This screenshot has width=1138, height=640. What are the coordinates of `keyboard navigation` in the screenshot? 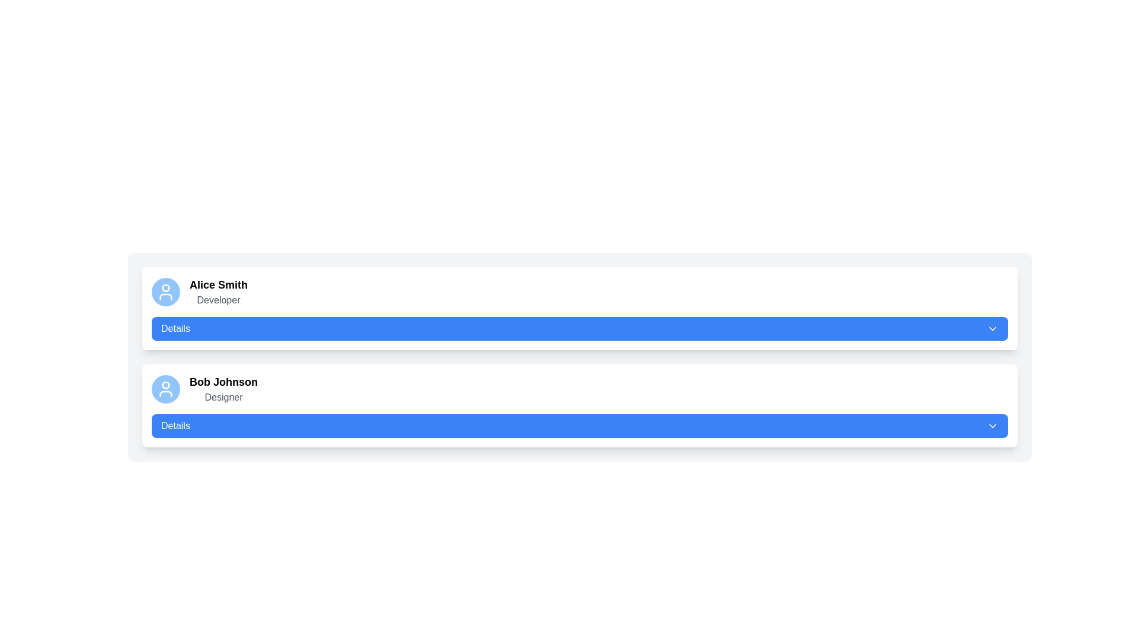 It's located at (175, 329).